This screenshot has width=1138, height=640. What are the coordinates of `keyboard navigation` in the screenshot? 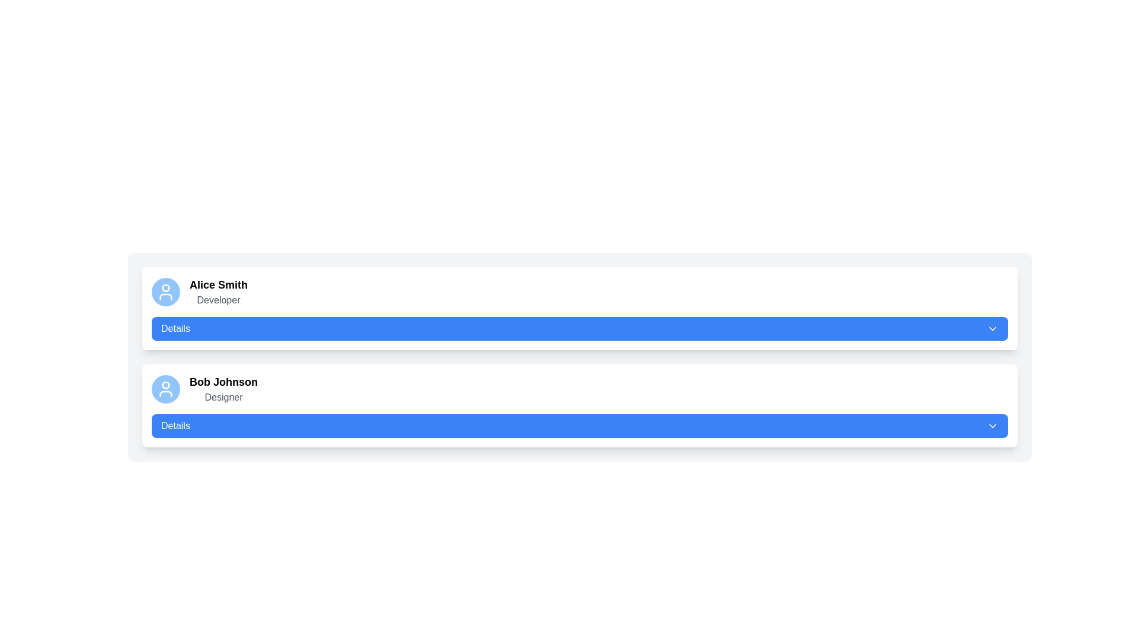 It's located at (175, 329).